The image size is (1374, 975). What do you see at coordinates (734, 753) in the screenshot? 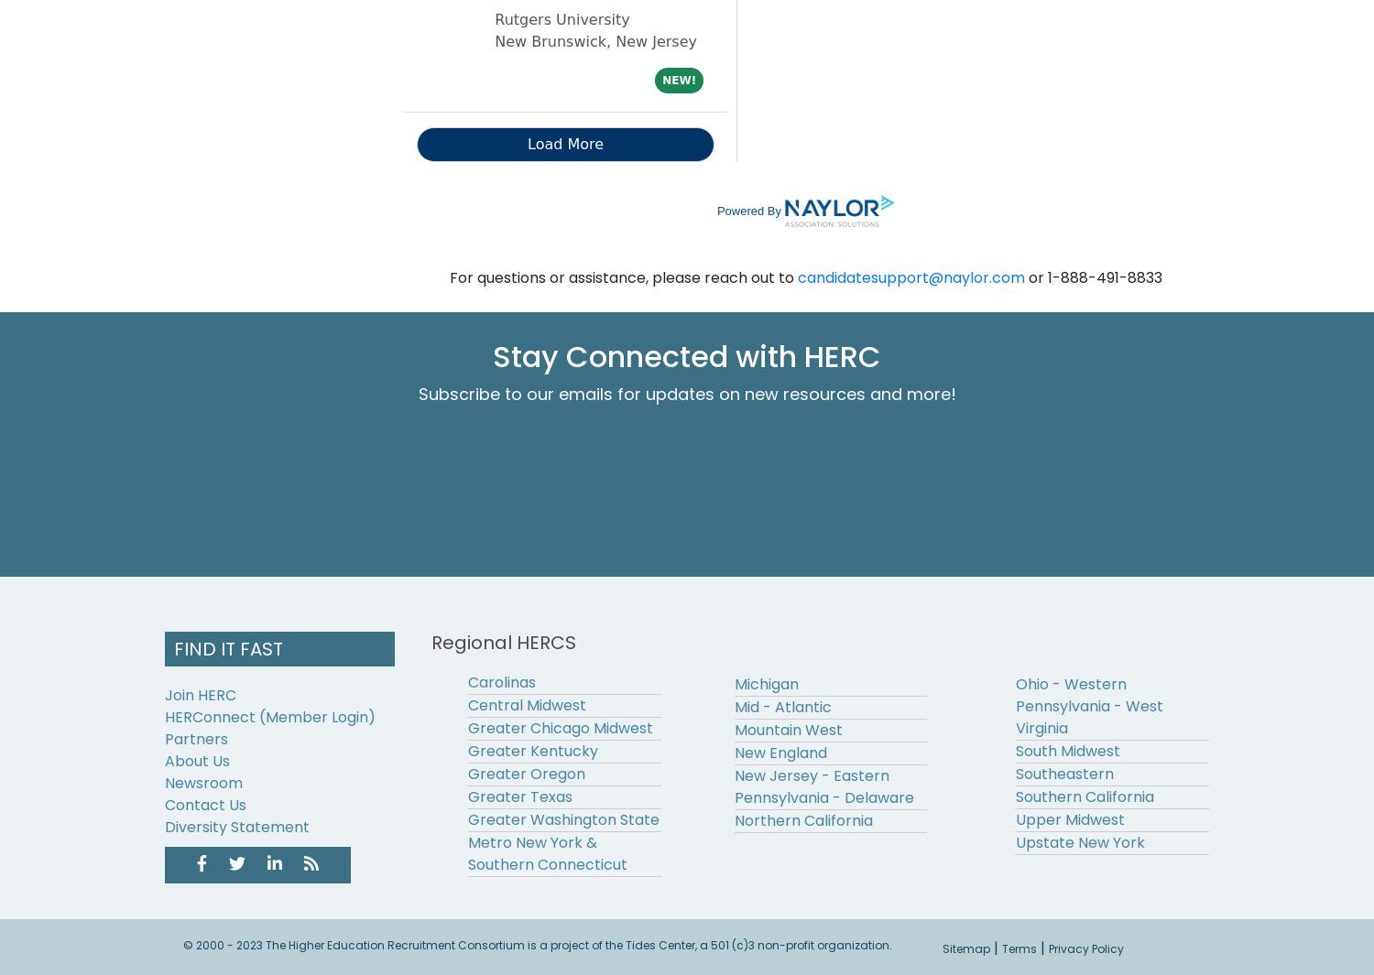
I see `'New England'` at bounding box center [734, 753].